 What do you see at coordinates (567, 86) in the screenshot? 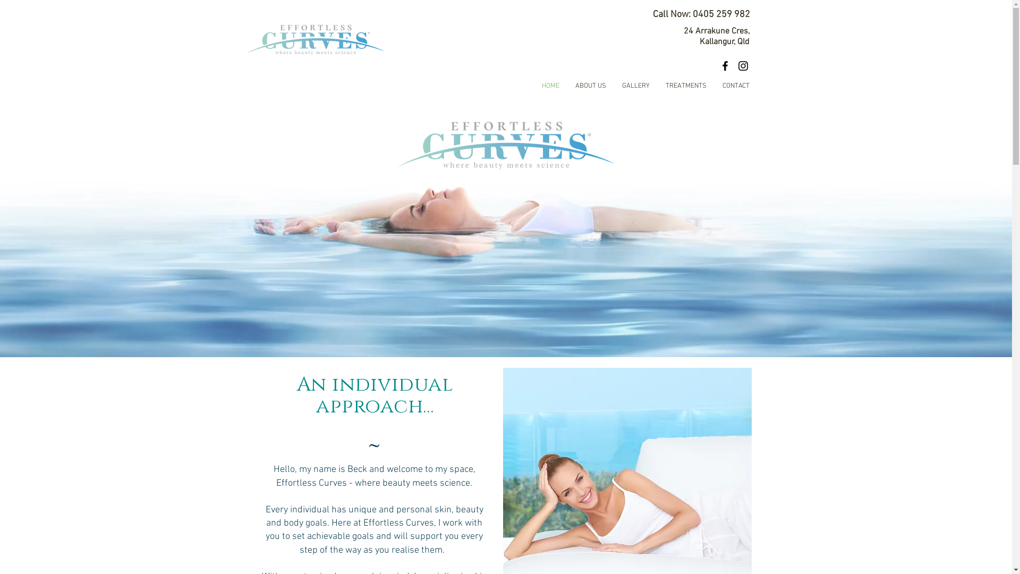
I see `'ABOUT US'` at bounding box center [567, 86].